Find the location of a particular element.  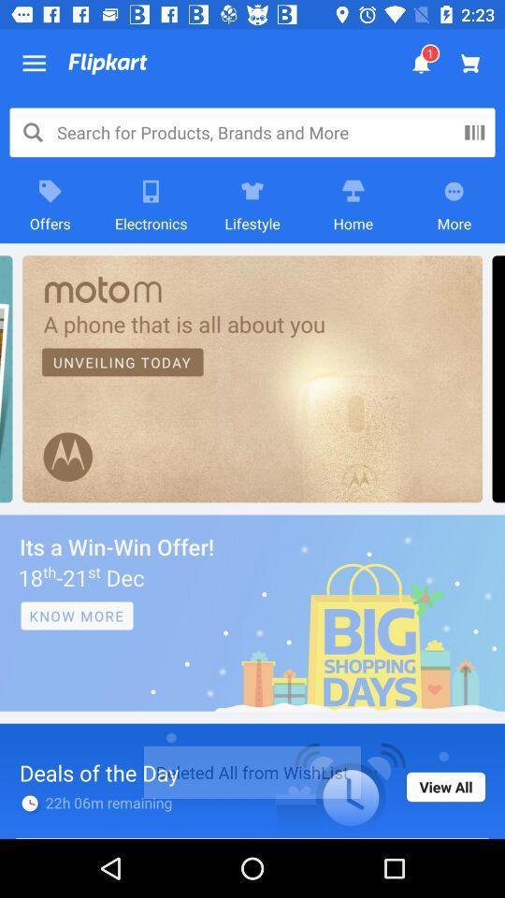

the item next to search for products item is located at coordinates (474, 131).